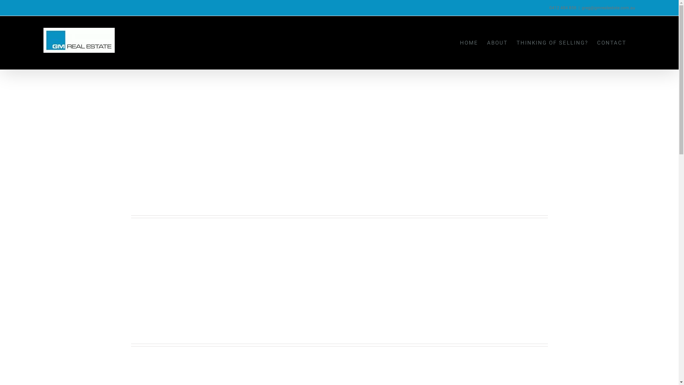  Describe the element at coordinates (516, 42) in the screenshot. I see `'THINKING OF SELLING?'` at that location.